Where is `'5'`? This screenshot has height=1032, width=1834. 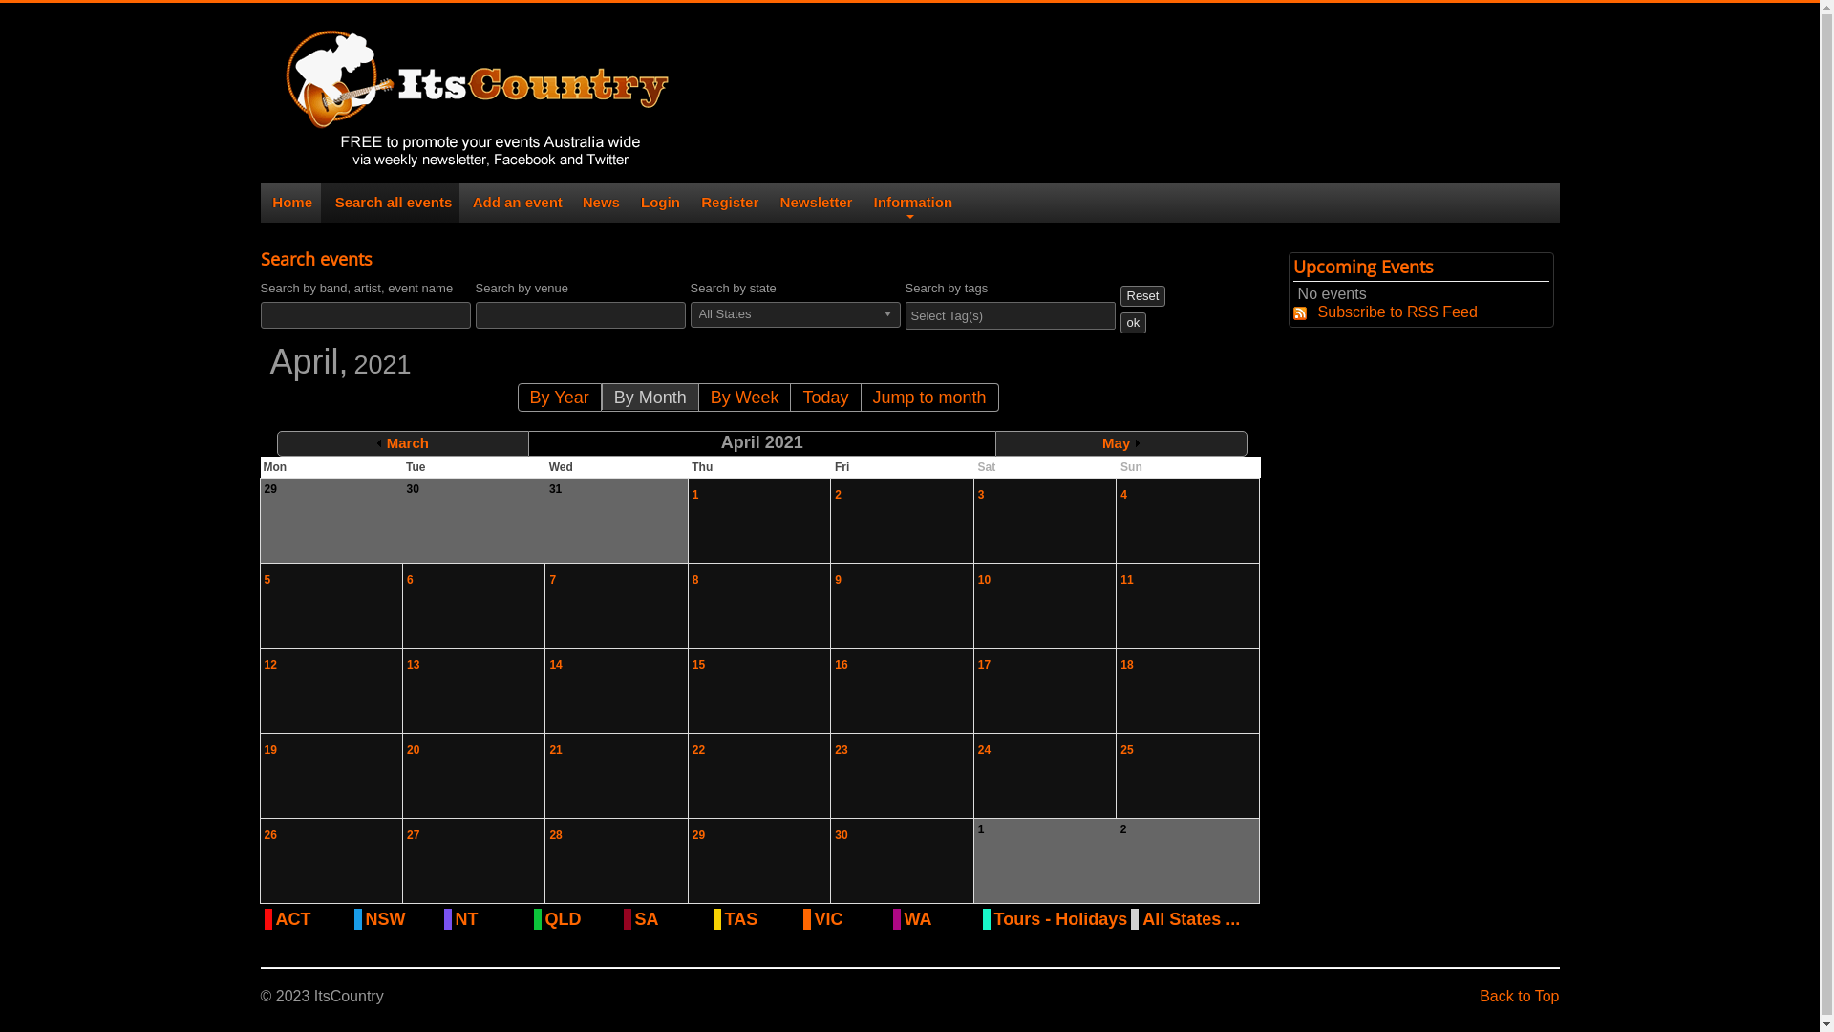
'5' is located at coordinates (266, 578).